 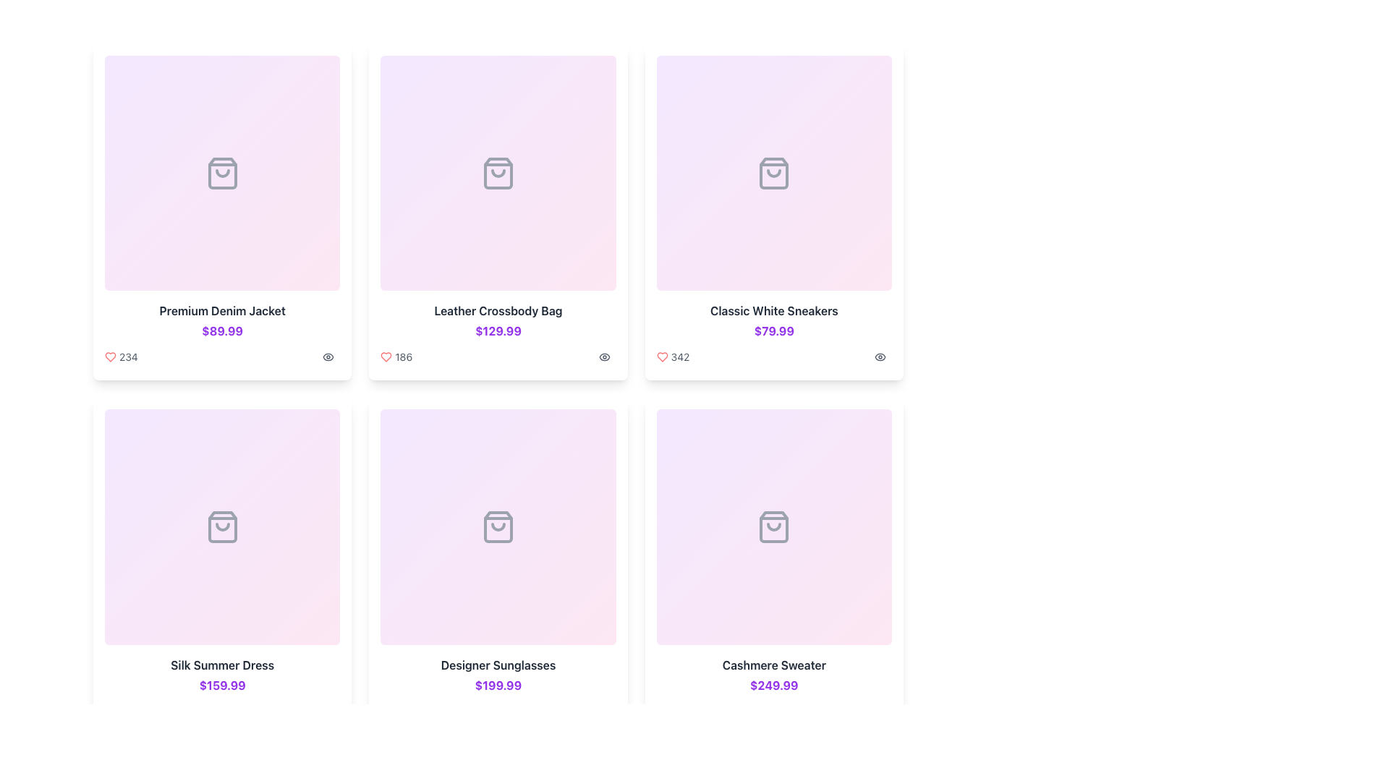 I want to click on the numeric counter displaying '275' located in the lower-left corner of the 'Silk Summer Dress' card, adjacent to the heart icon, so click(x=121, y=710).